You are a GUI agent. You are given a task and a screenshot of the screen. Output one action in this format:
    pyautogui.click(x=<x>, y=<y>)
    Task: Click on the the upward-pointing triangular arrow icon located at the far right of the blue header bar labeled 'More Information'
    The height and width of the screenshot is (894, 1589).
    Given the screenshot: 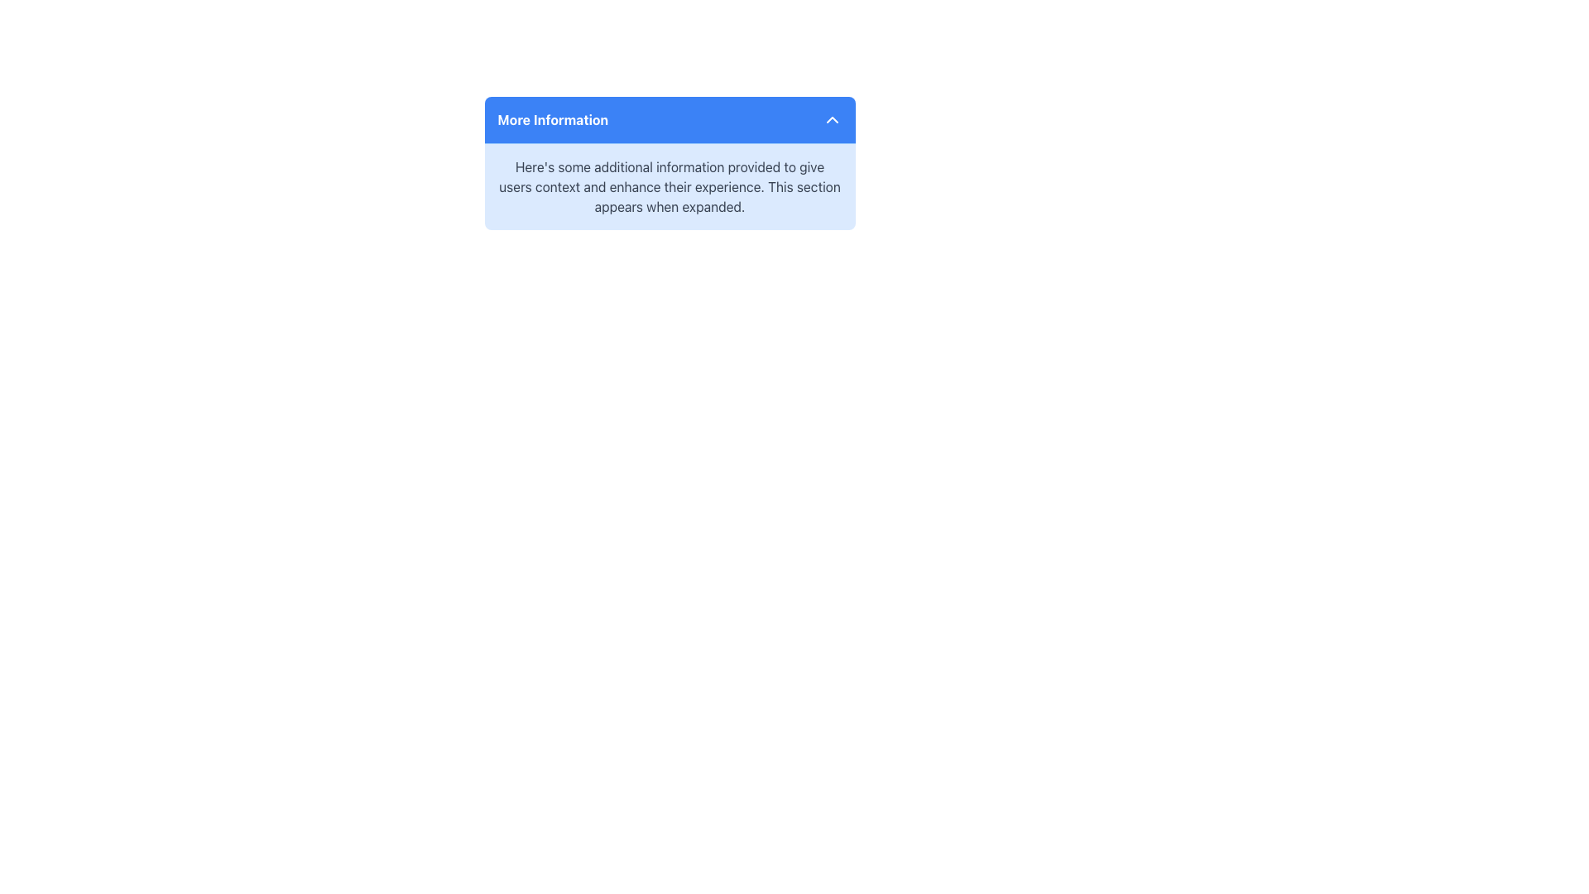 What is the action you would take?
    pyautogui.click(x=832, y=119)
    